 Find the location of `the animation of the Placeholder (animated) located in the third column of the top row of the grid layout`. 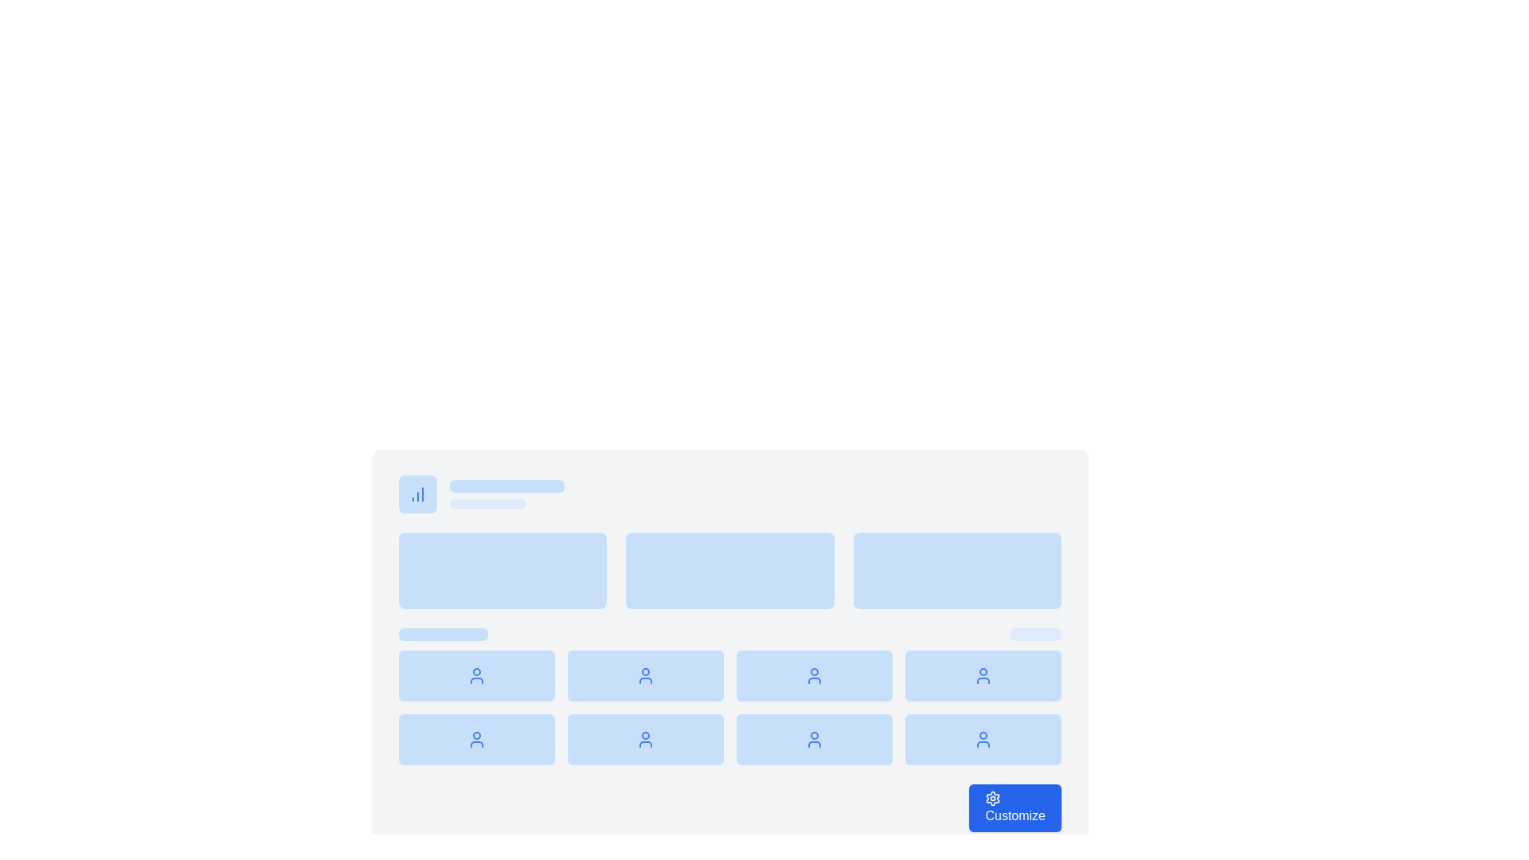

the animation of the Placeholder (animated) located in the third column of the top row of the grid layout is located at coordinates (956, 570).